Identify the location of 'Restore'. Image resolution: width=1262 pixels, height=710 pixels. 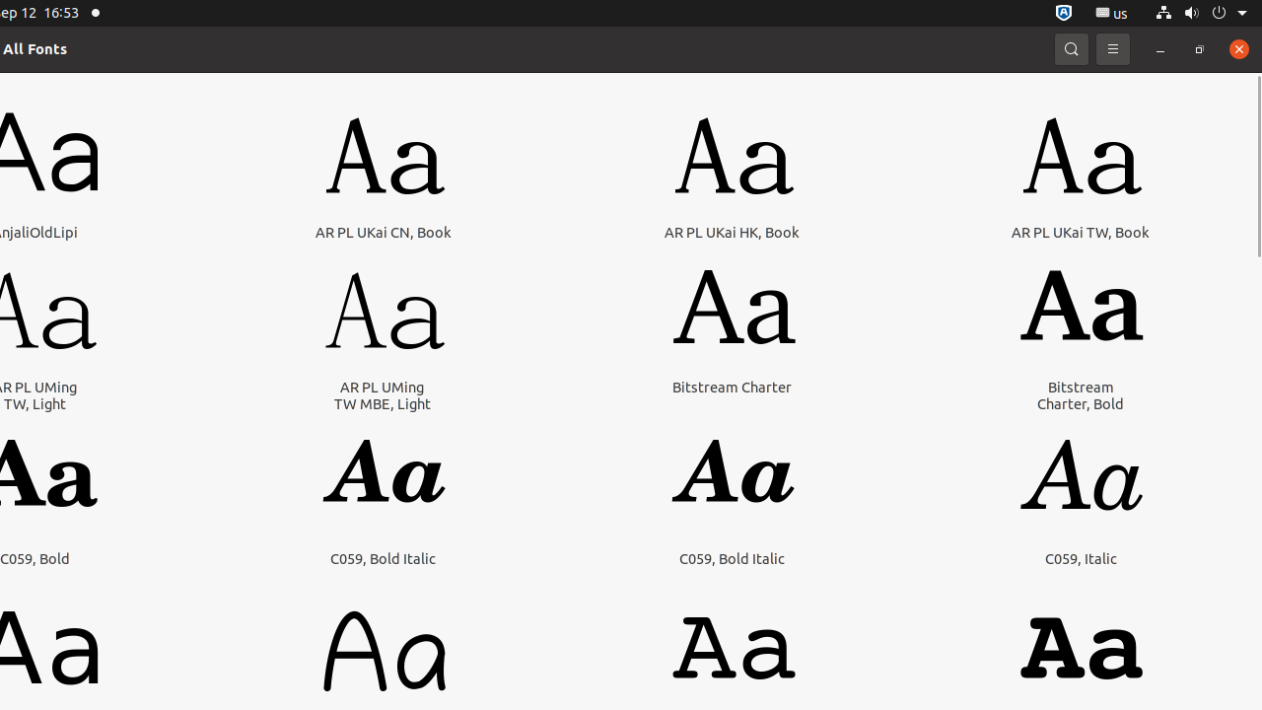
(1199, 47).